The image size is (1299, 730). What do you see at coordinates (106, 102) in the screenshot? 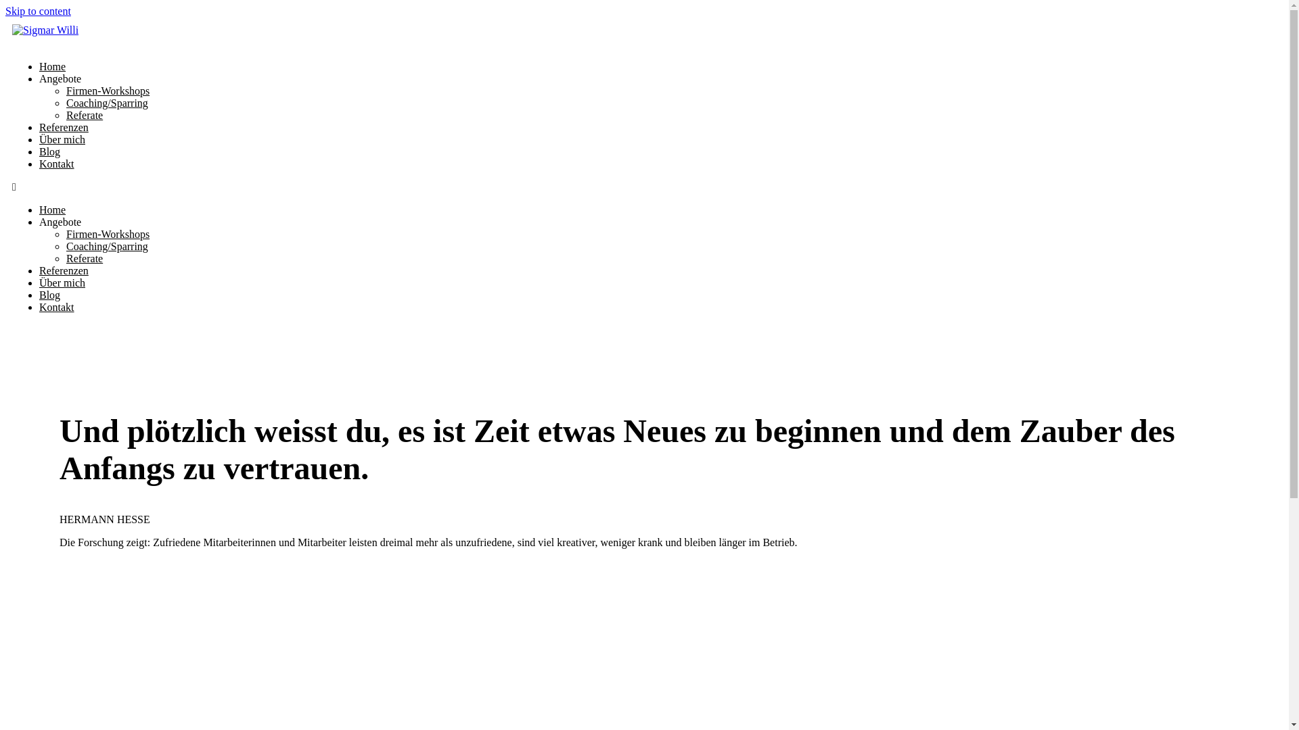
I see `'Coaching/Sparring'` at bounding box center [106, 102].